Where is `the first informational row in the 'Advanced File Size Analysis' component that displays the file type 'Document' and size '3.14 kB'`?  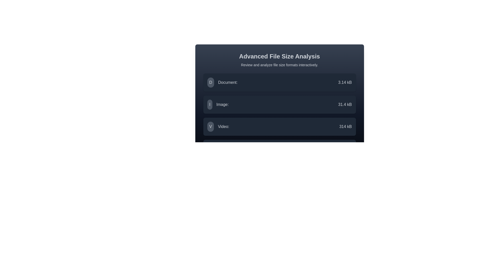
the first informational row in the 'Advanced File Size Analysis' component that displays the file type 'Document' and size '3.14 kB' is located at coordinates (279, 82).